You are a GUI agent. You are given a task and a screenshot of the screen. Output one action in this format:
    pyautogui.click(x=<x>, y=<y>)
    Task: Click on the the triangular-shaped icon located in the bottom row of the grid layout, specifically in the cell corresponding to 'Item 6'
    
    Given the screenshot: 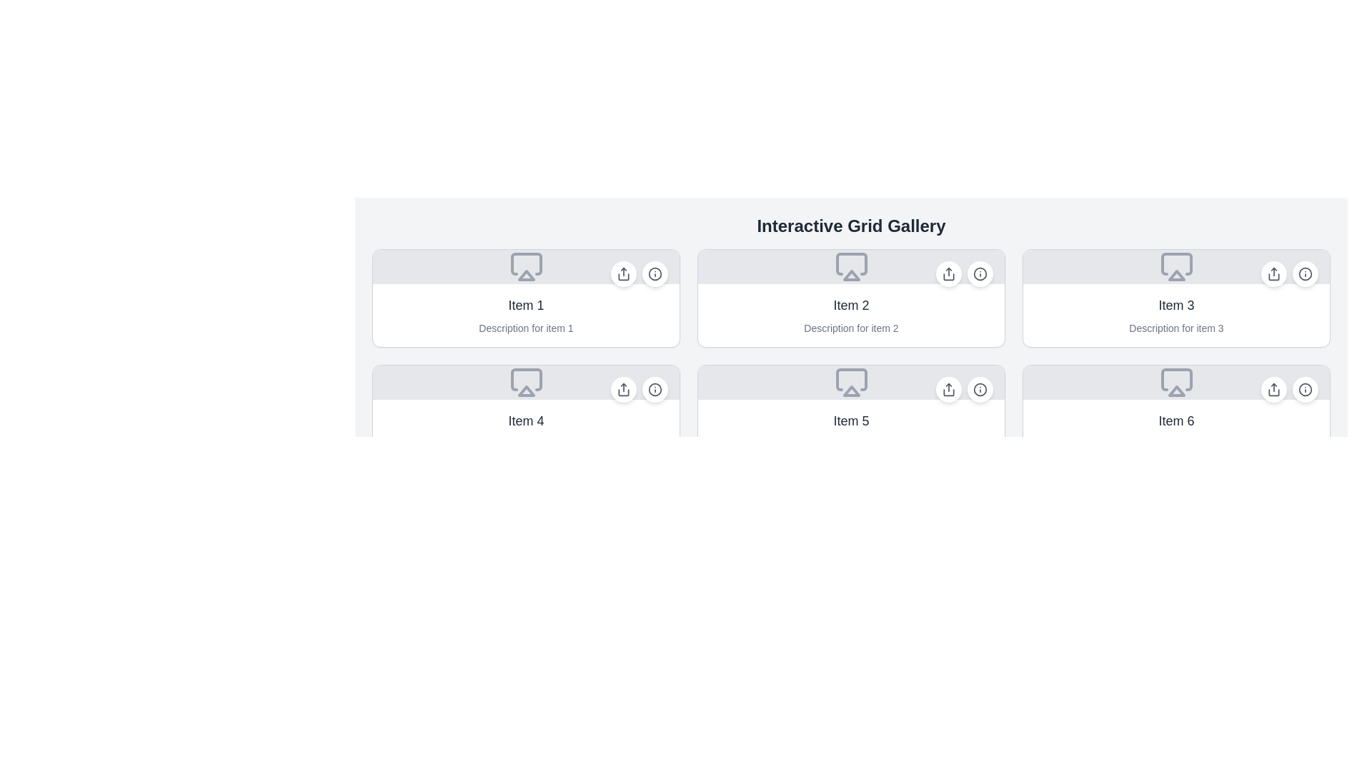 What is the action you would take?
    pyautogui.click(x=1176, y=390)
    